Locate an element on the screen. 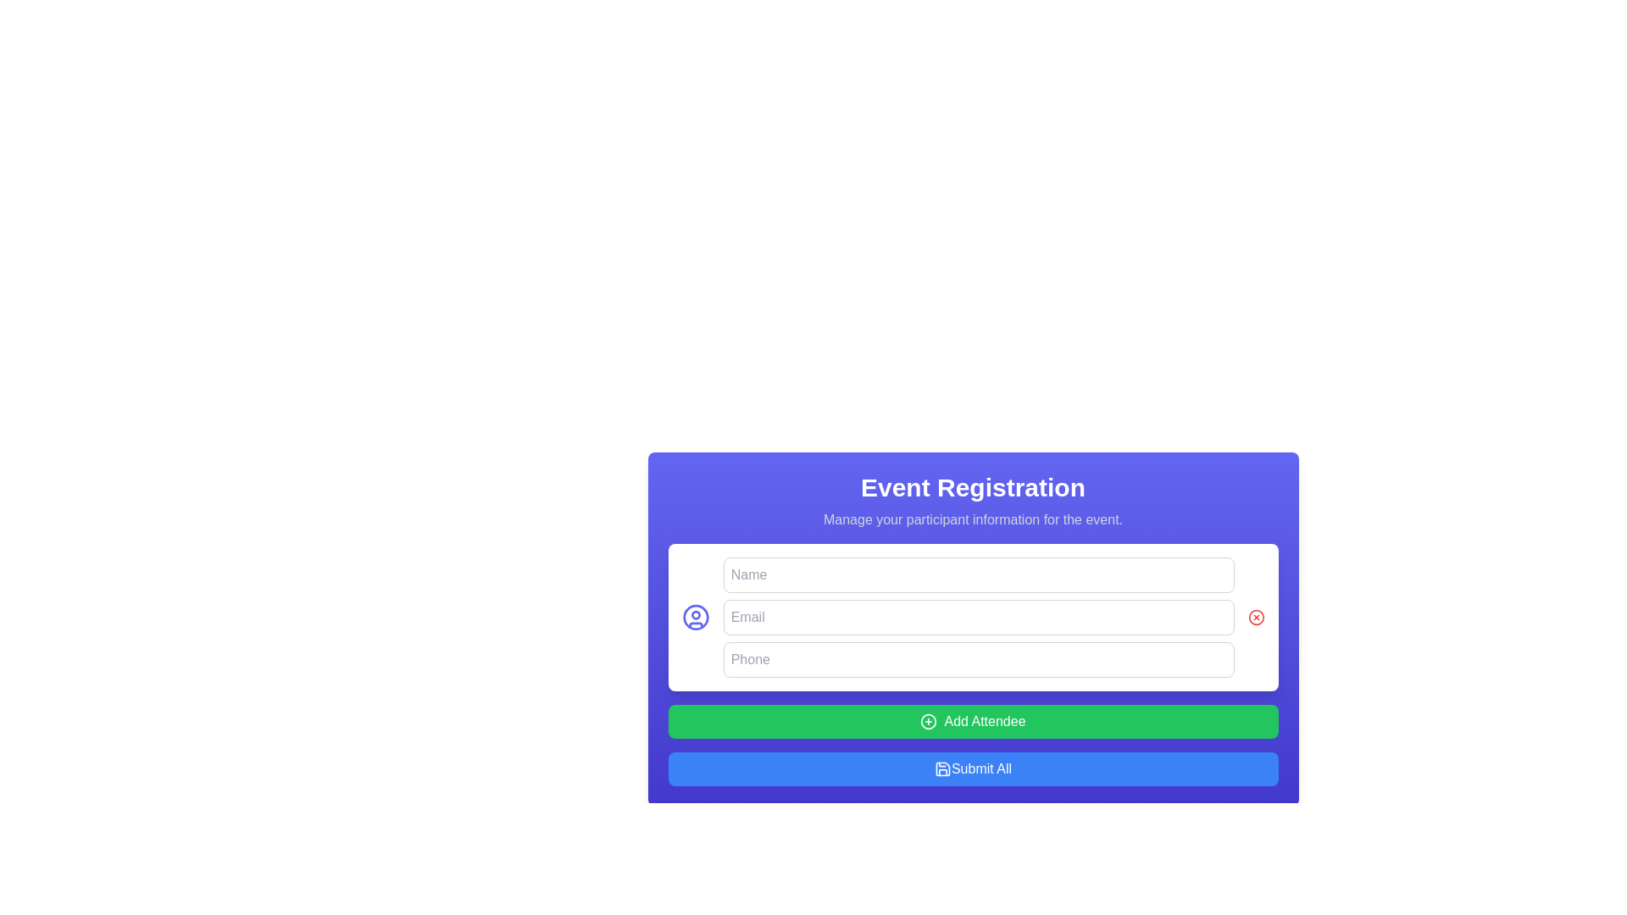  the text label within the green button that adds a new attendee to the event registration form is located at coordinates (985, 722).